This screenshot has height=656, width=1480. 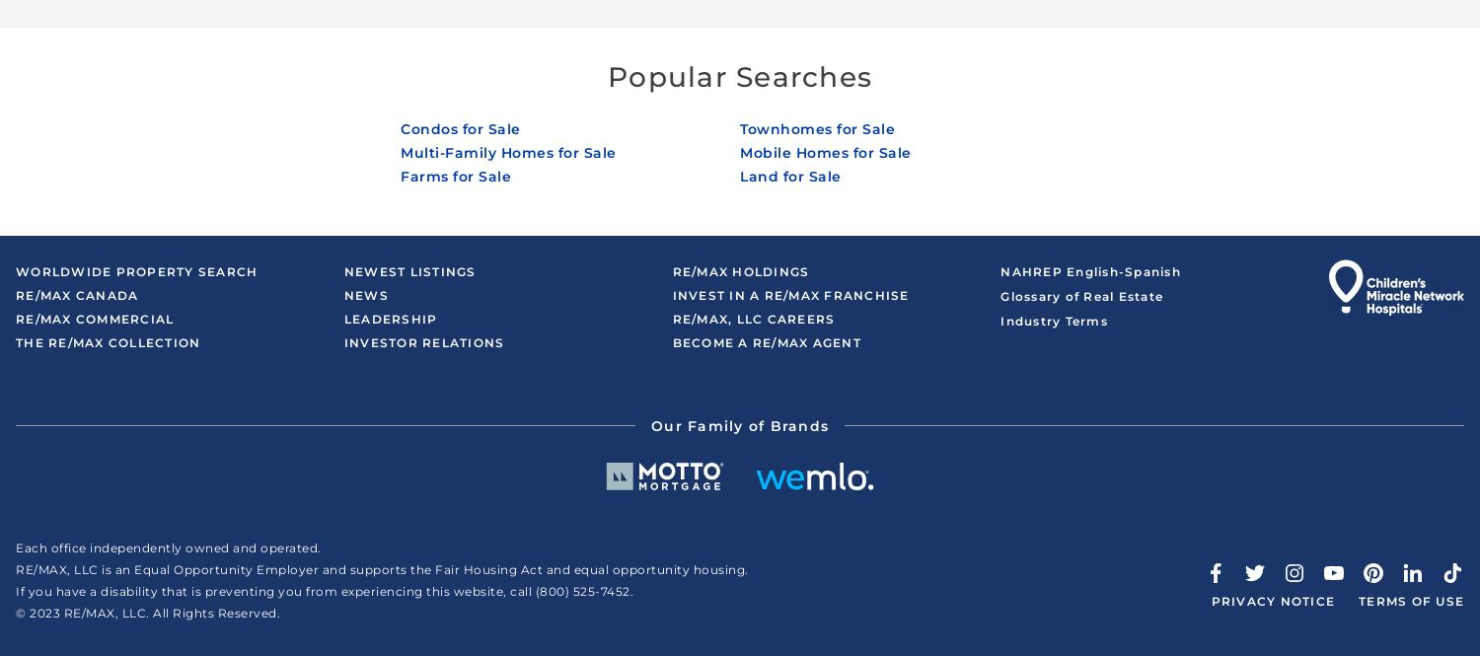 I want to click on 'Listings', so click(x=441, y=270).